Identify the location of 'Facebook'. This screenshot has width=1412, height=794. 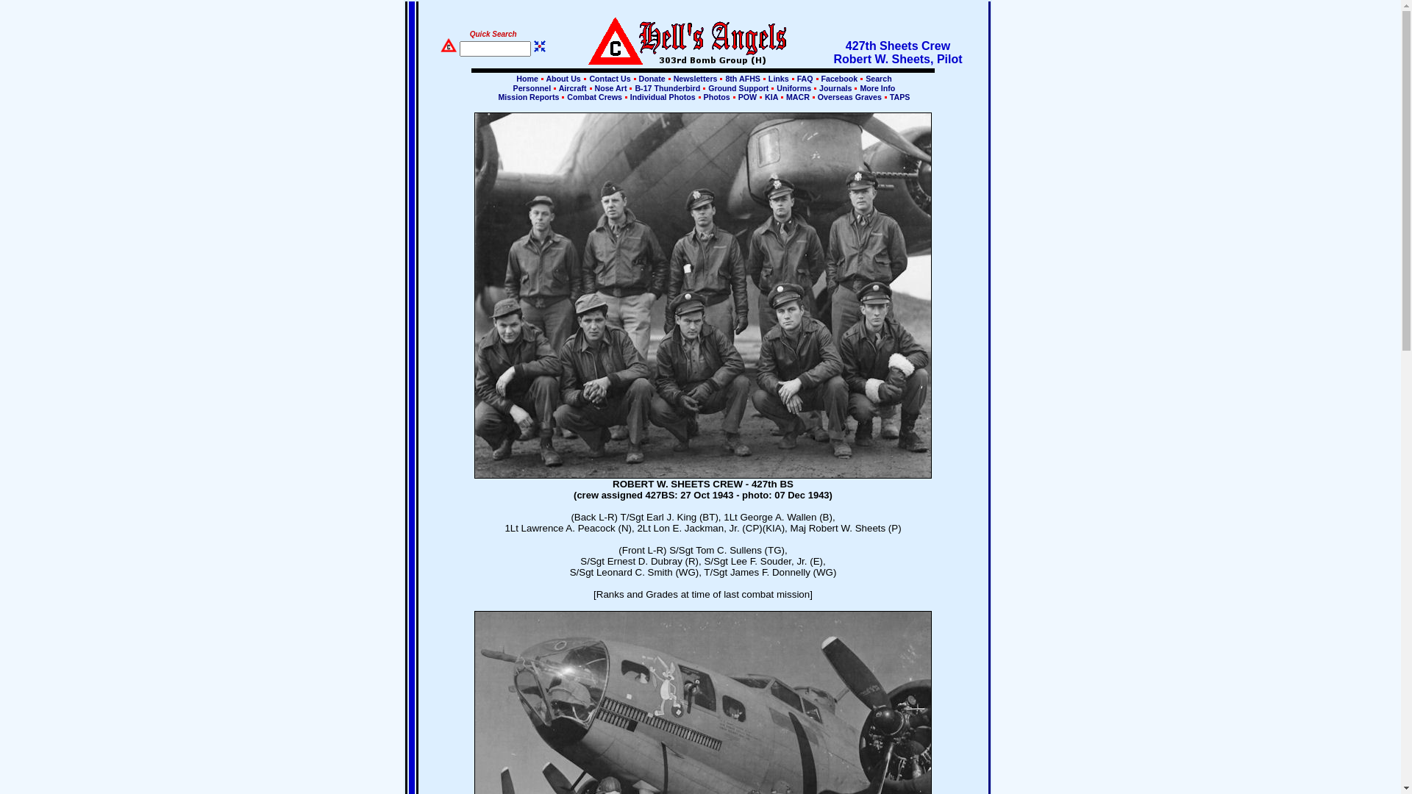
(840, 79).